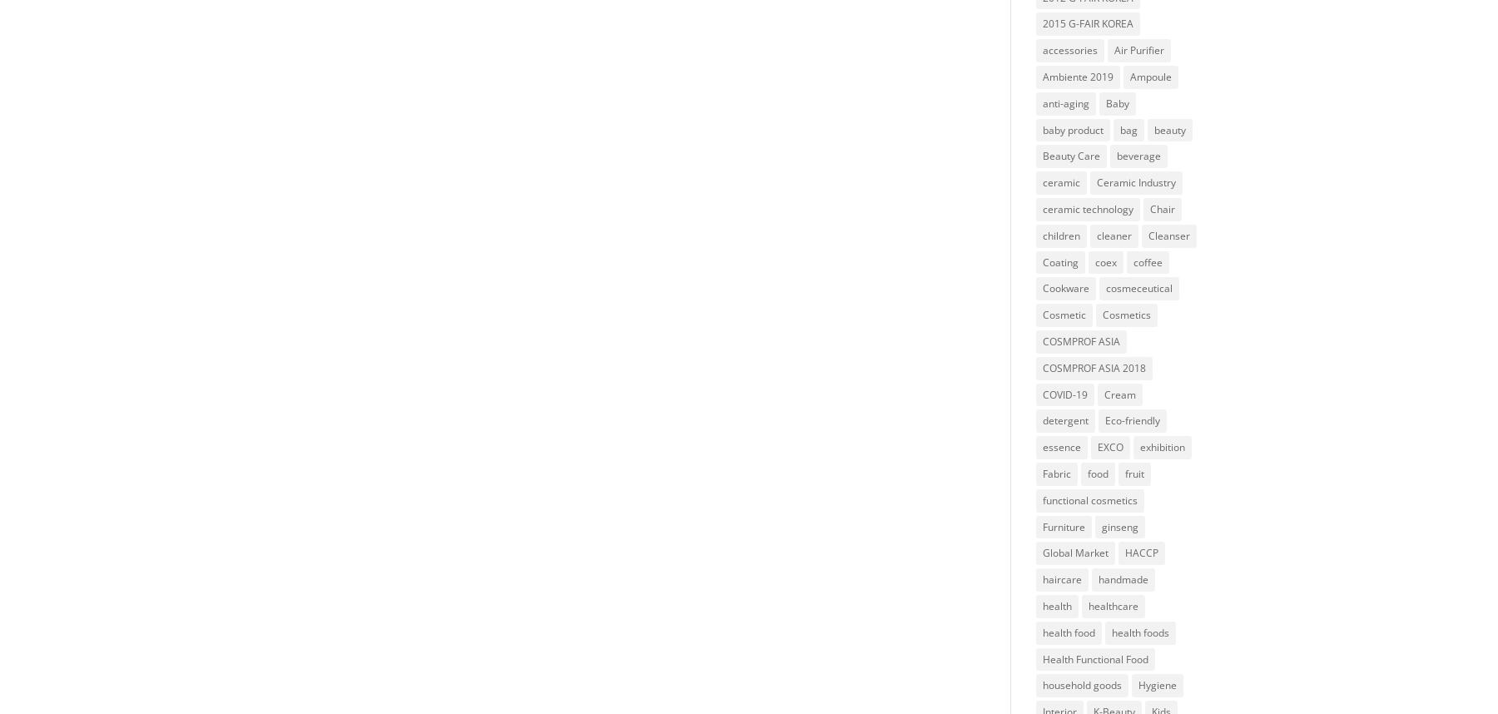  What do you see at coordinates (1042, 208) in the screenshot?
I see `'ceramic technology'` at bounding box center [1042, 208].